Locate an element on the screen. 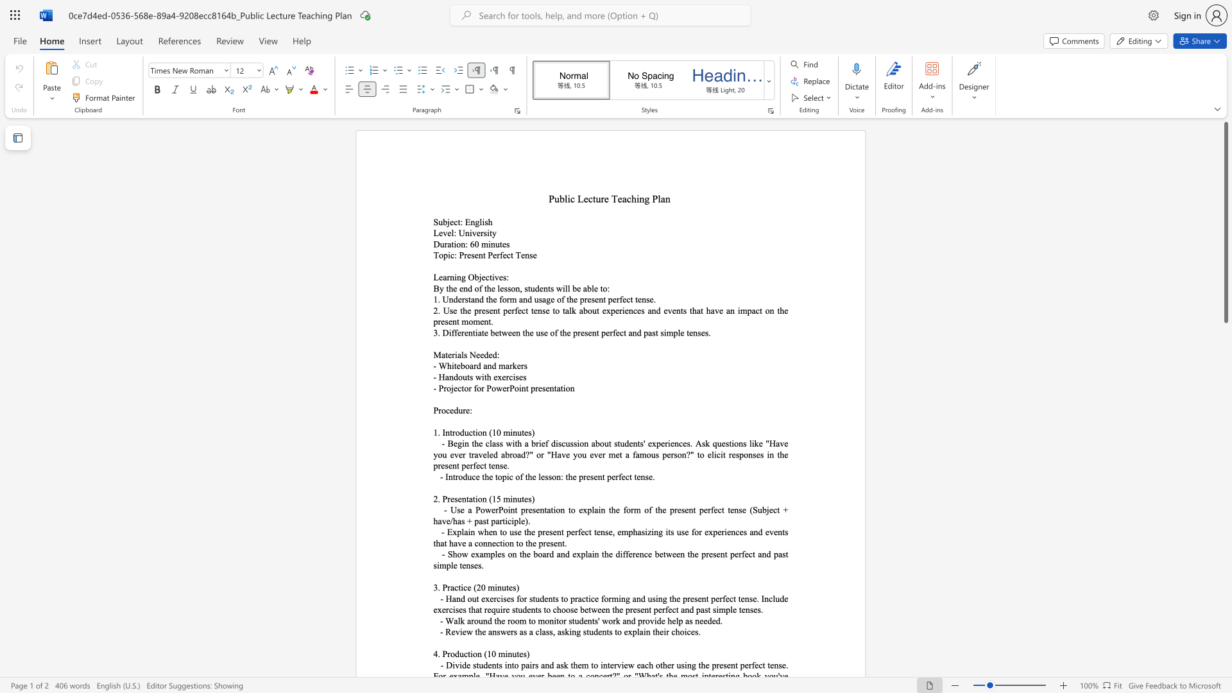 The height and width of the screenshot is (693, 1232). the scrollbar to move the content lower is located at coordinates (1225, 558).